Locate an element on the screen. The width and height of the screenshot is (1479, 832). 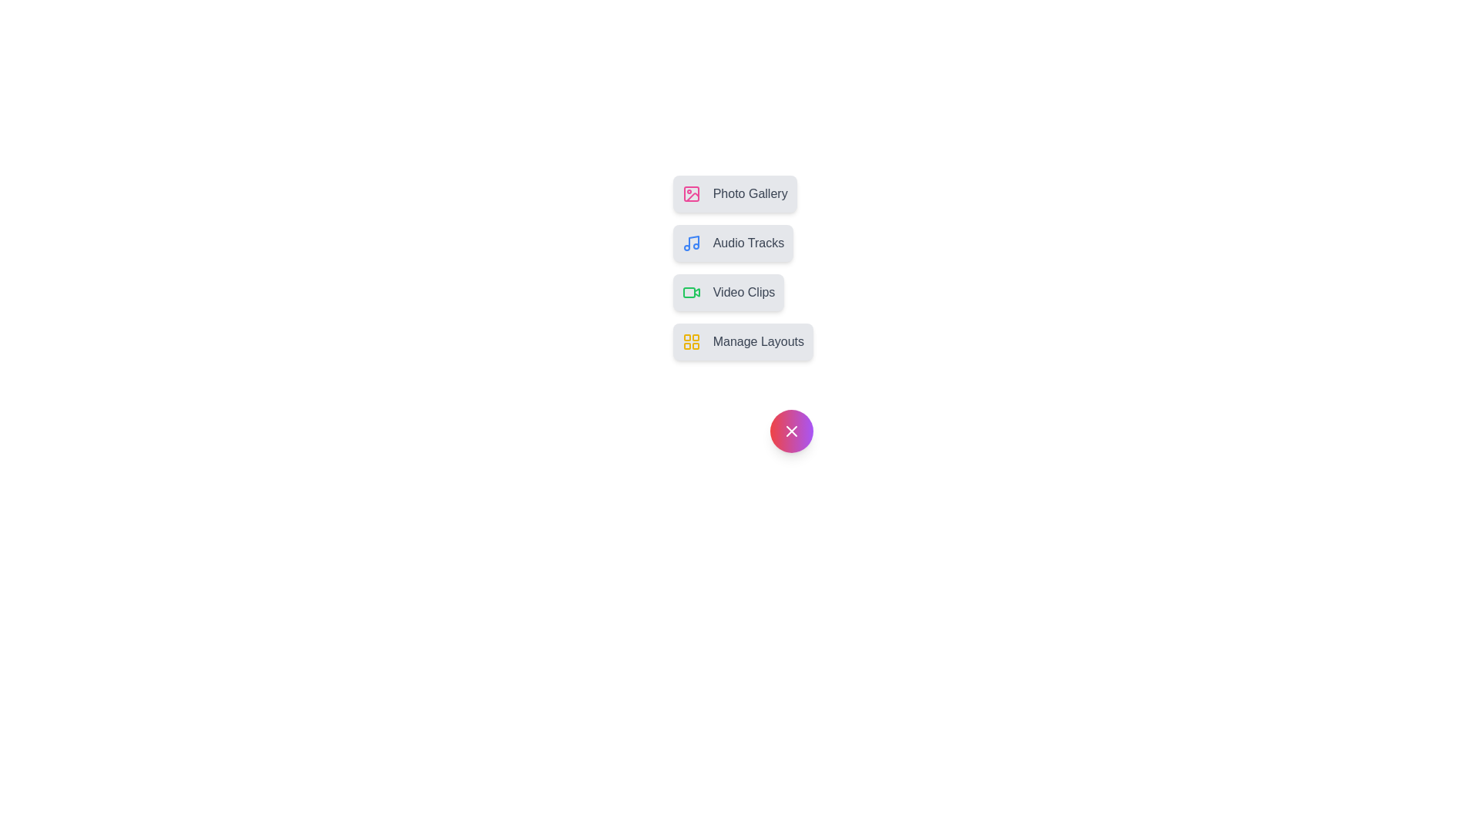
the 'Manage Layouts' button, which is a rectangular button with a soft gray background, rounded corners, and a layout grid icon in yellow, located at the bottom of a list of four buttons is located at coordinates (743, 341).